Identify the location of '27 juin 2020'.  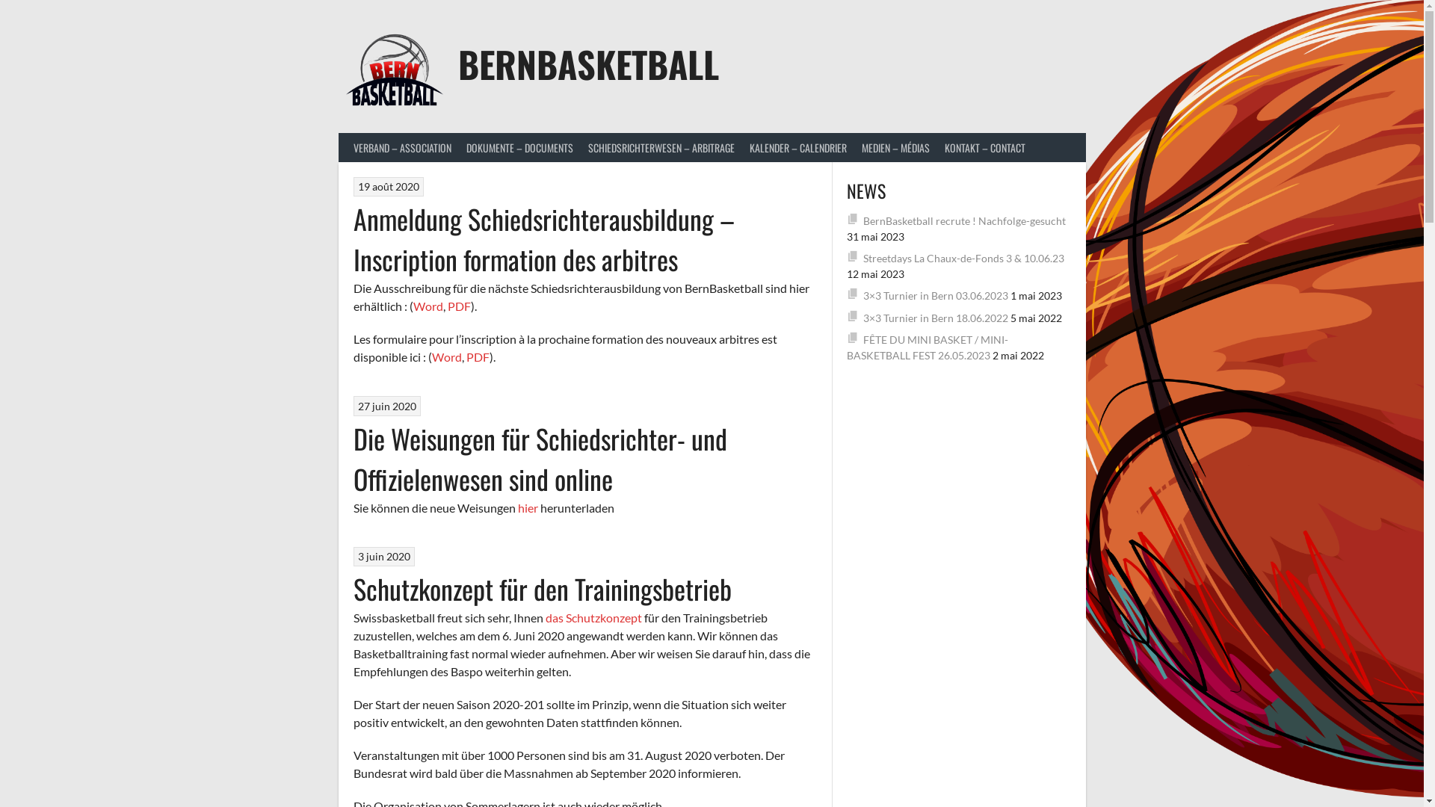
(357, 406).